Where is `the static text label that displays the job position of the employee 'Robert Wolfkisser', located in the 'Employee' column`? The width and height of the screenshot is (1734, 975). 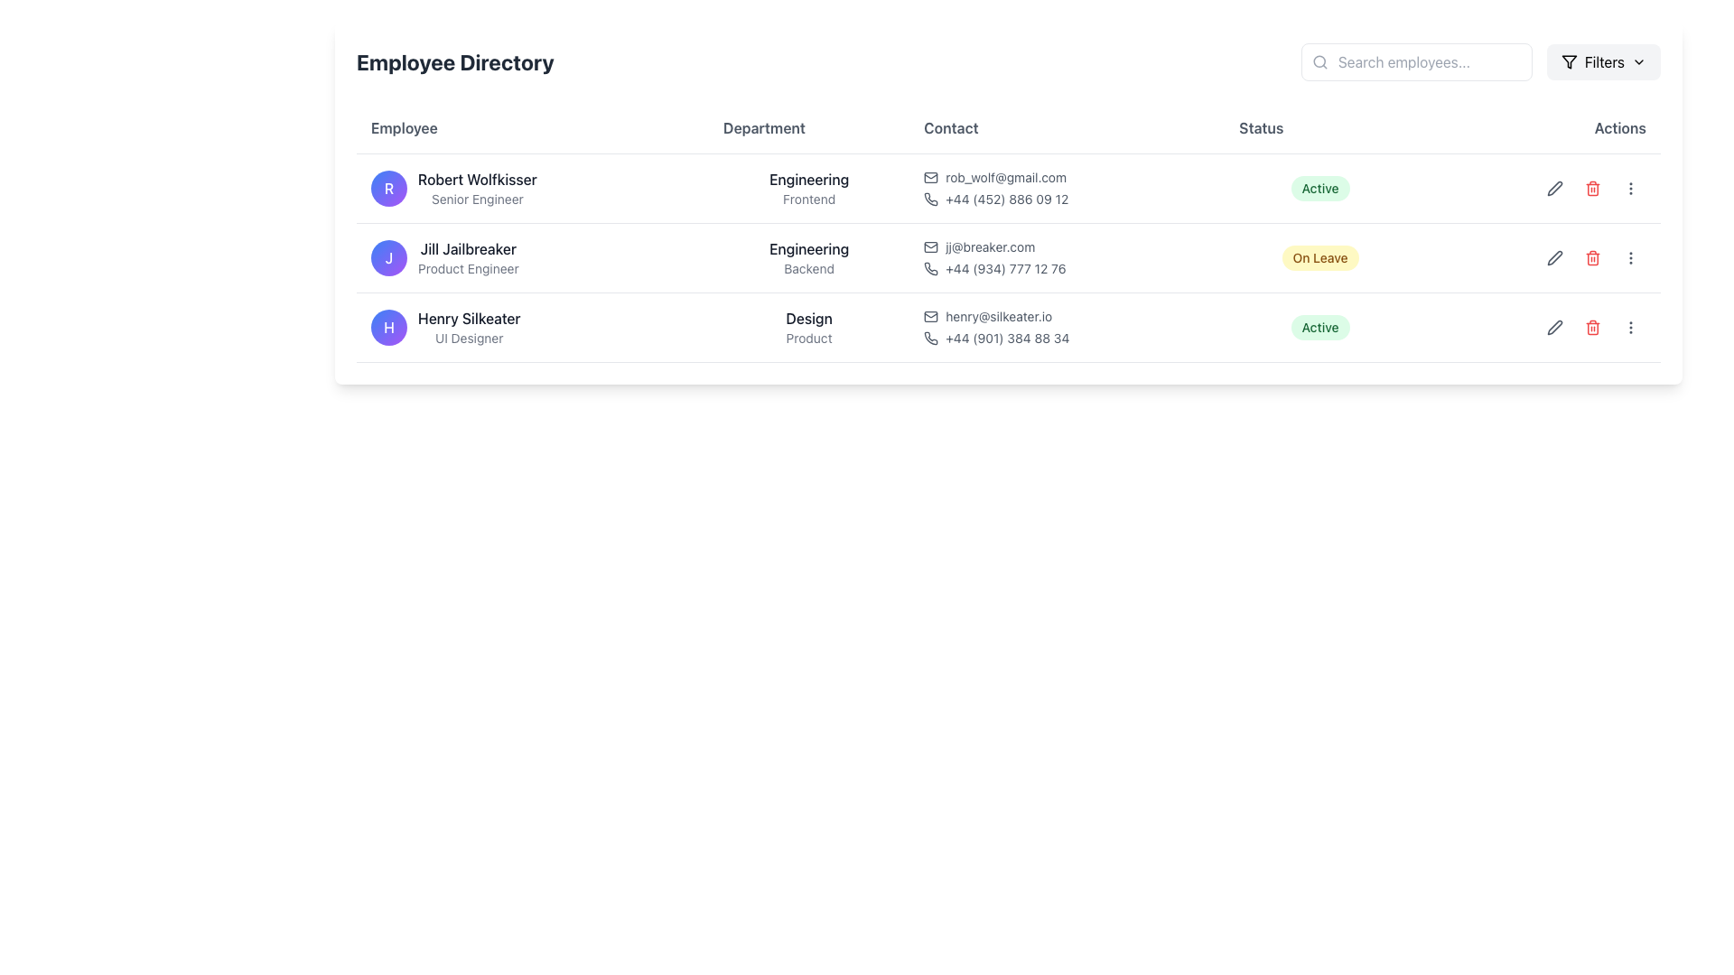 the static text label that displays the job position of the employee 'Robert Wolfkisser', located in the 'Employee' column is located at coordinates (477, 199).